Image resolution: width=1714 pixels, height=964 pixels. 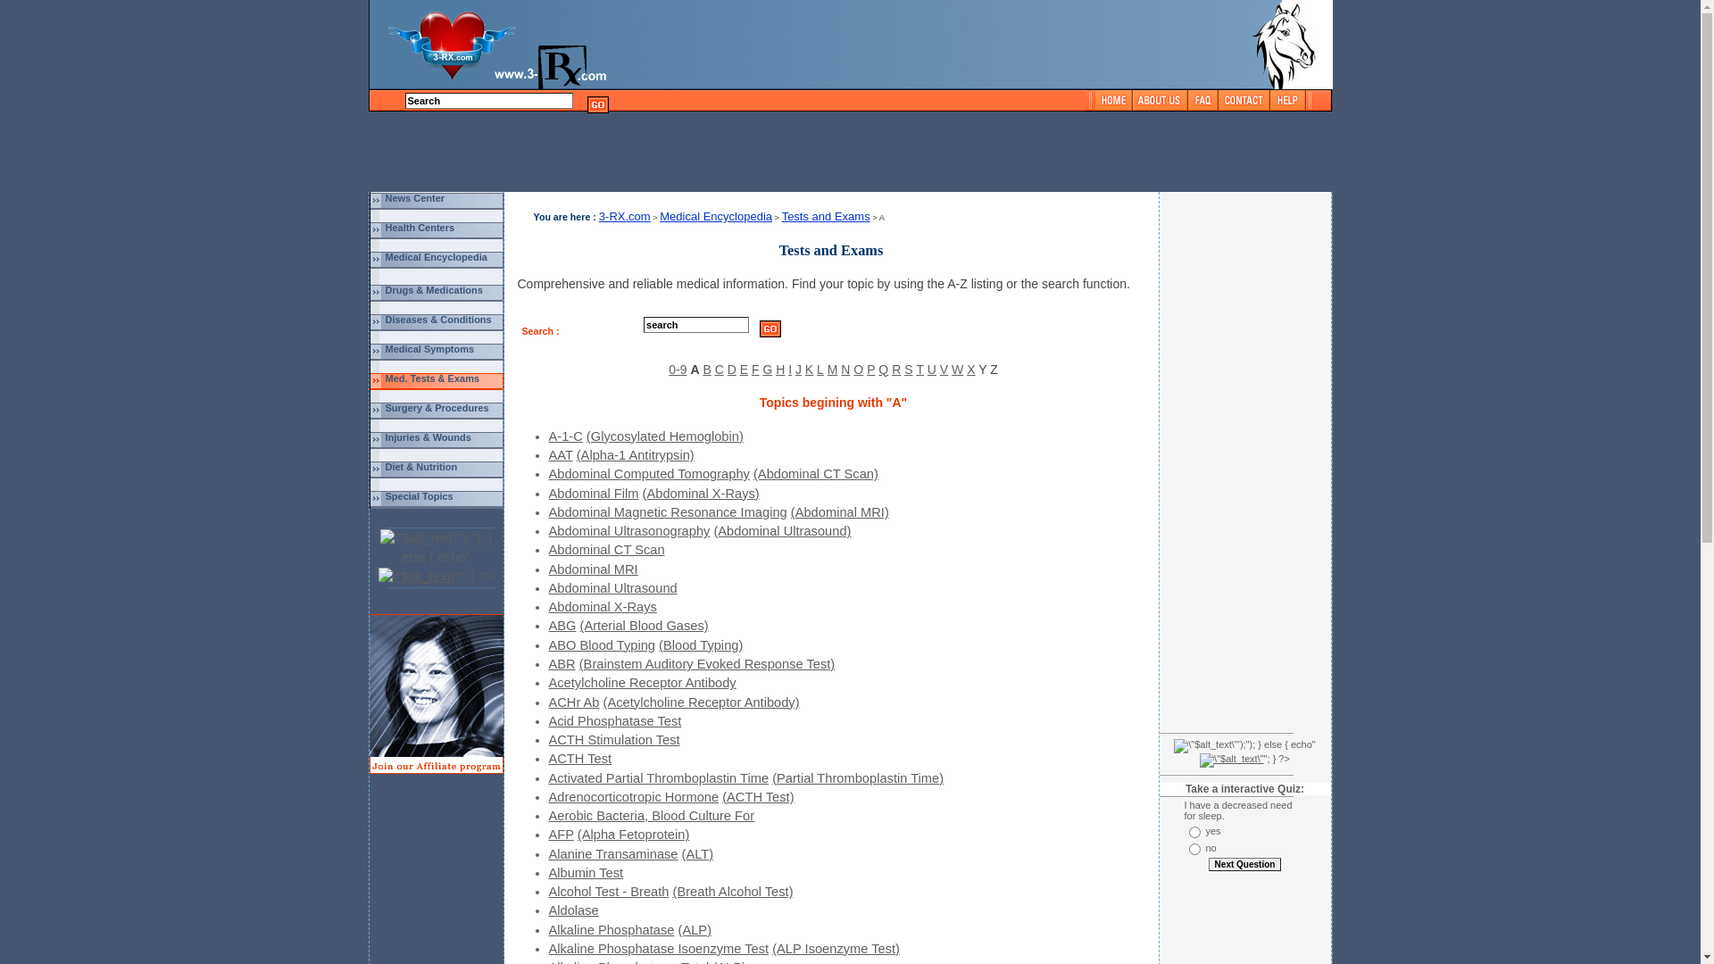 I want to click on '(Partial Thromboplastin Time)', so click(x=771, y=777).